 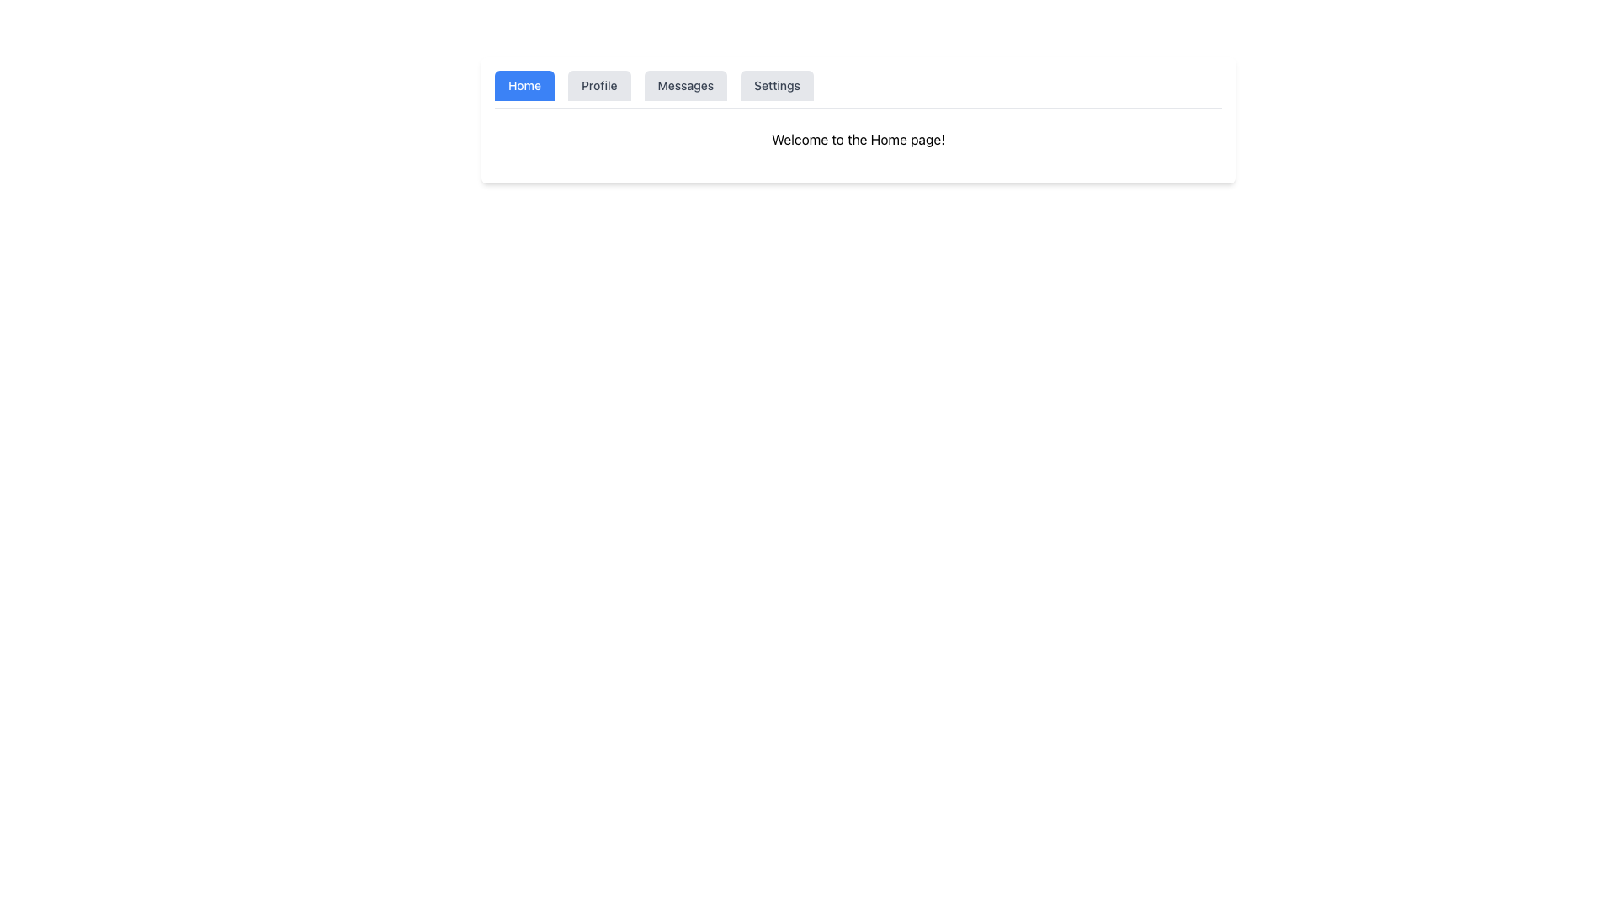 What do you see at coordinates (858, 138) in the screenshot?
I see `the title text element that provides a welcoming message to users on the Home page` at bounding box center [858, 138].